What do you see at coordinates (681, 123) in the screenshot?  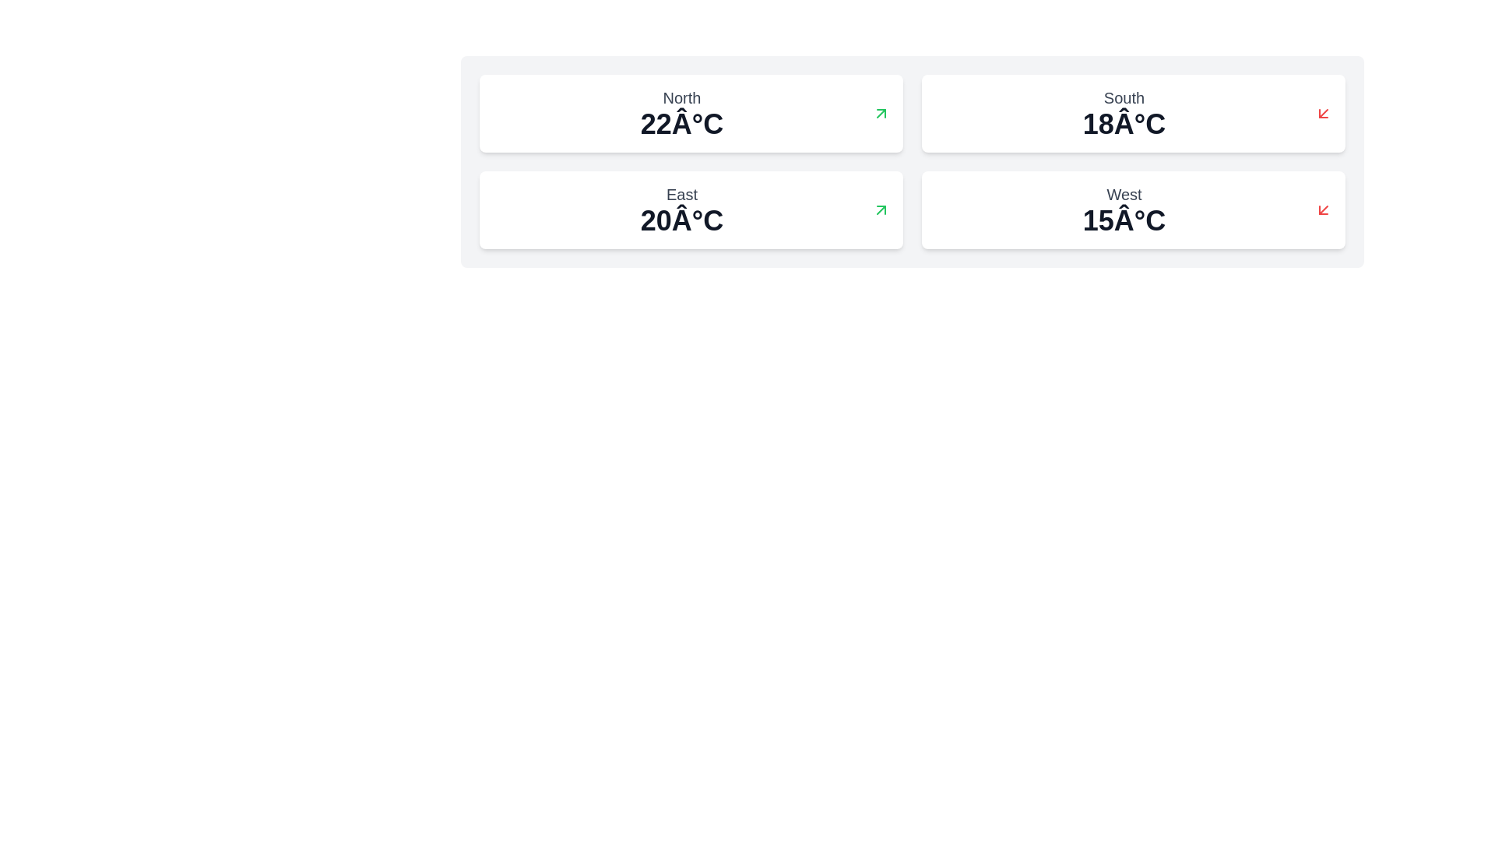 I see `the Text Display element that shows '22°C', which is positioned below the label 'North' in a card layout` at bounding box center [681, 123].